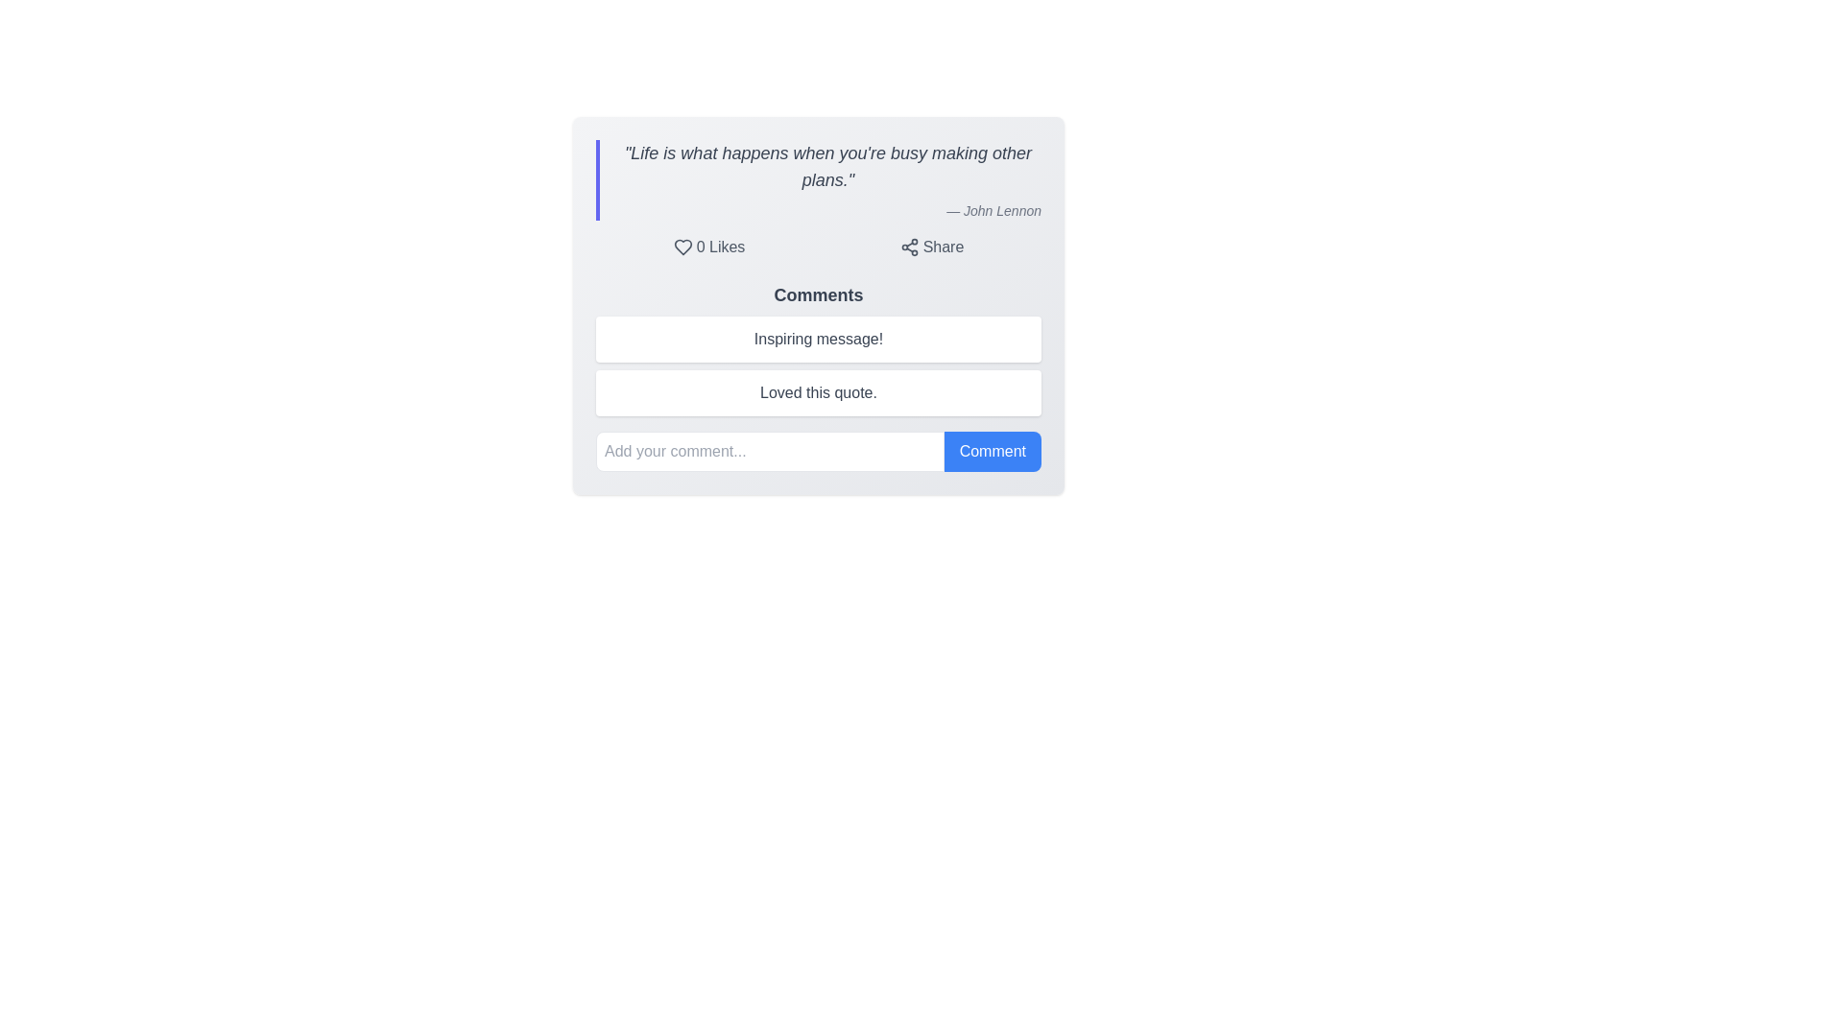 This screenshot has height=1036, width=1843. I want to click on the rectangular text box with a white background containing the text 'Loved this quote.' which is styled in gray and is located under the 'Comments' section, so click(819, 391).